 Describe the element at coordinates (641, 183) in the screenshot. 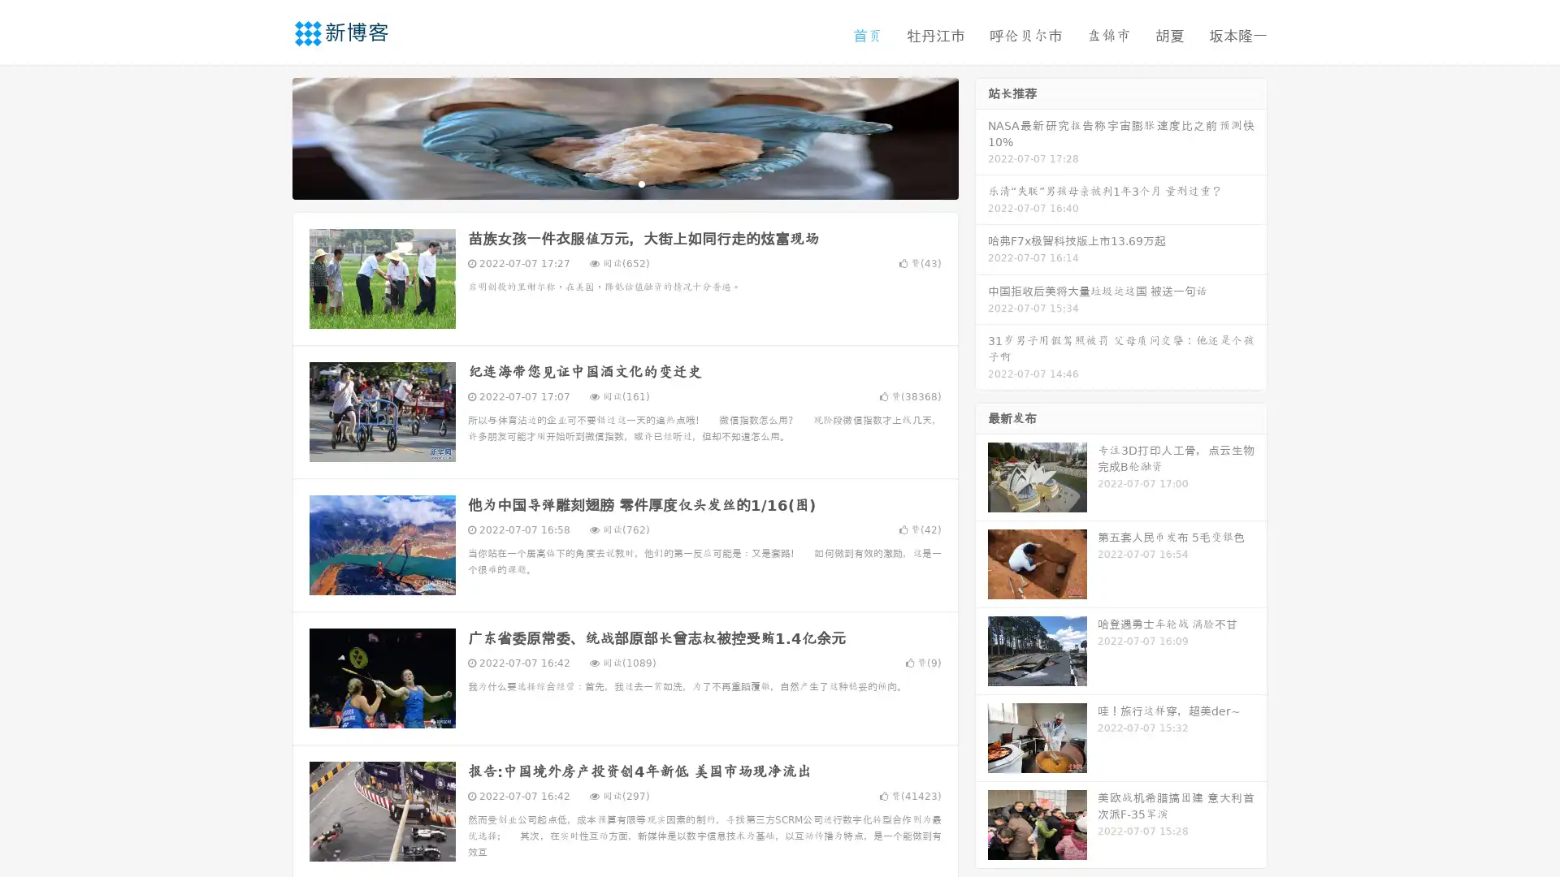

I see `Go to slide 3` at that location.